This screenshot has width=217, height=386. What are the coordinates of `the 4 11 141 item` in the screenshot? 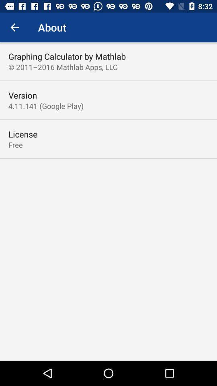 It's located at (46, 105).